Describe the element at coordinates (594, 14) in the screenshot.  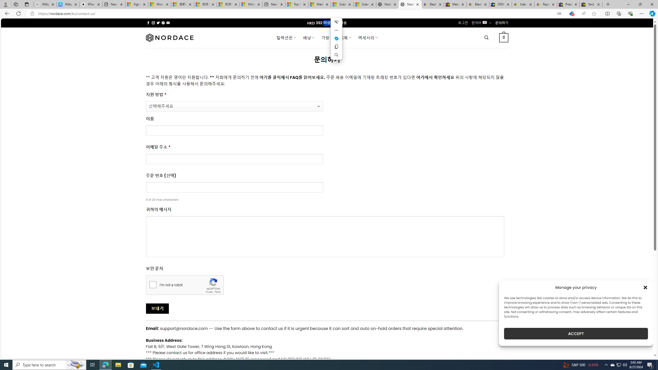
I see `'Add this page to favorites (Ctrl+D)'` at that location.